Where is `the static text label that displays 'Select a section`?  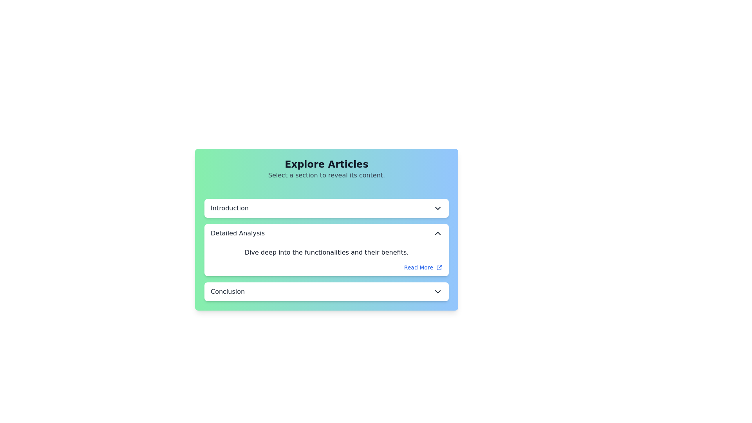 the static text label that displays 'Select a section is located at coordinates (327, 175).